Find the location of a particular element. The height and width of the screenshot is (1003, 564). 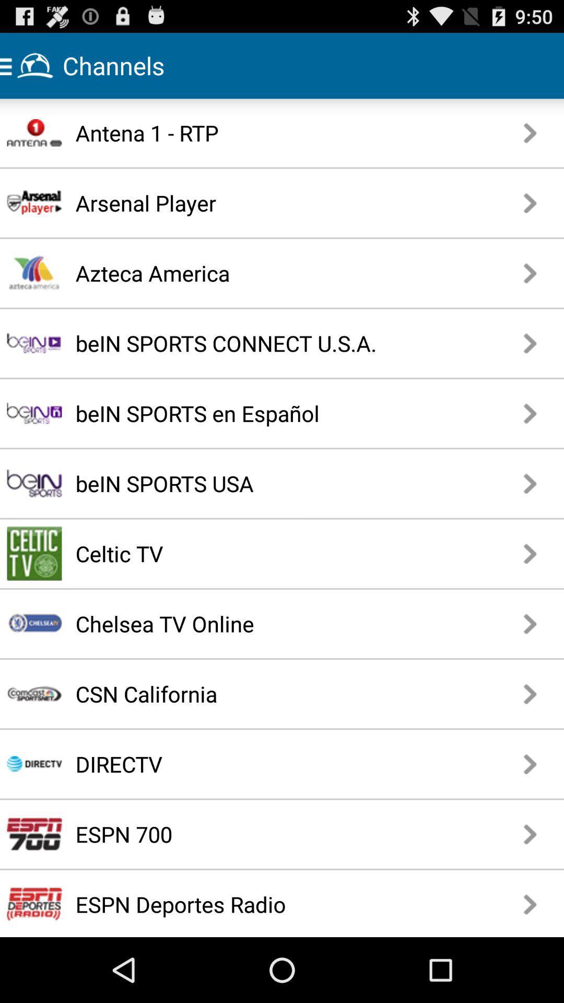

the espn deportes radio item is located at coordinates (263, 904).